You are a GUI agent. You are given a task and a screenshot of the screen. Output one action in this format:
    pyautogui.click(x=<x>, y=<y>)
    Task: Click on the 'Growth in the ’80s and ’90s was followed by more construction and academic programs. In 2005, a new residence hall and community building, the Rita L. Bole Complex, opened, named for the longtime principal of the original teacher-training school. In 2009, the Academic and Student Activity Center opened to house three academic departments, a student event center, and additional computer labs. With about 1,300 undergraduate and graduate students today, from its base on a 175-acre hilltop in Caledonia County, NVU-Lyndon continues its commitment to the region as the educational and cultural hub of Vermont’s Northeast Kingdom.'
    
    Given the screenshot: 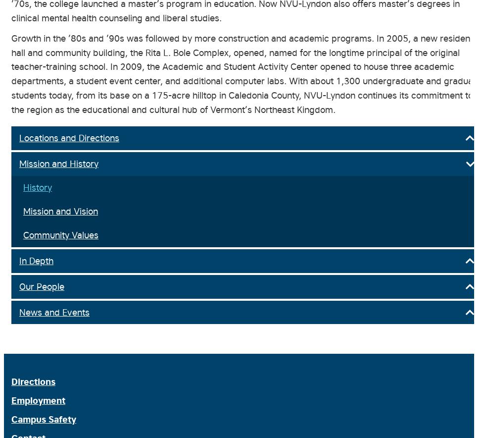 What is the action you would take?
    pyautogui.click(x=246, y=73)
    